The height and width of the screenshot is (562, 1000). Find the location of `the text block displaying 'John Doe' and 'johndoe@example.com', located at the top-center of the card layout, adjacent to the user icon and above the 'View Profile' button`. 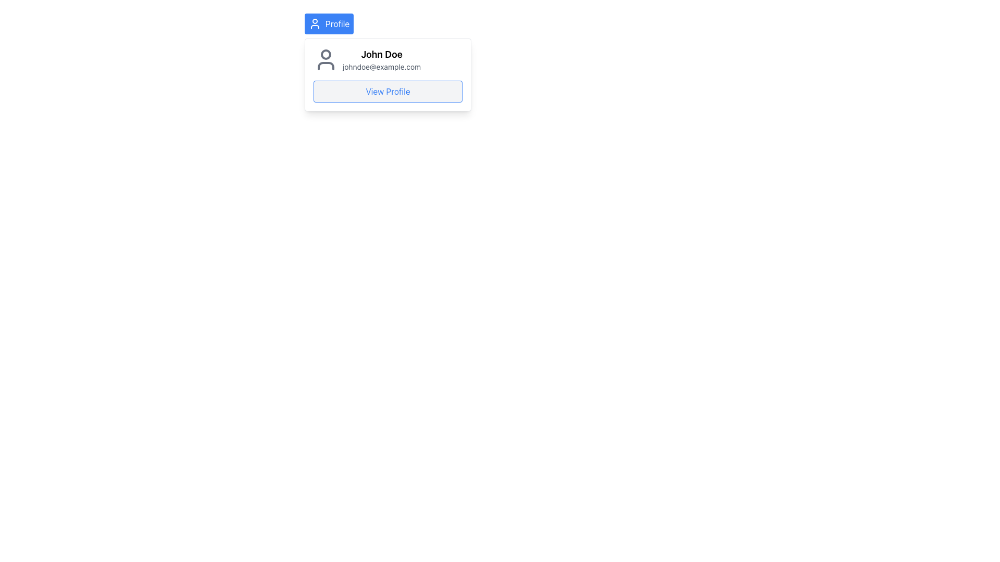

the text block displaying 'John Doe' and 'johndoe@example.com', located at the top-center of the card layout, adjacent to the user icon and above the 'View Profile' button is located at coordinates (381, 60).